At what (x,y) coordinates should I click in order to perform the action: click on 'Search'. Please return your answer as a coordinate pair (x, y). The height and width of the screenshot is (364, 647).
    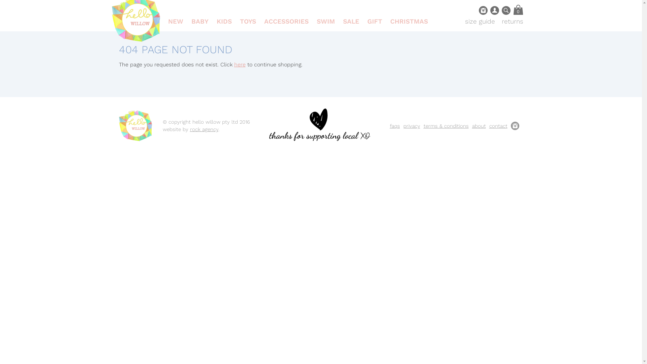
    Looking at the image, I should click on (501, 10).